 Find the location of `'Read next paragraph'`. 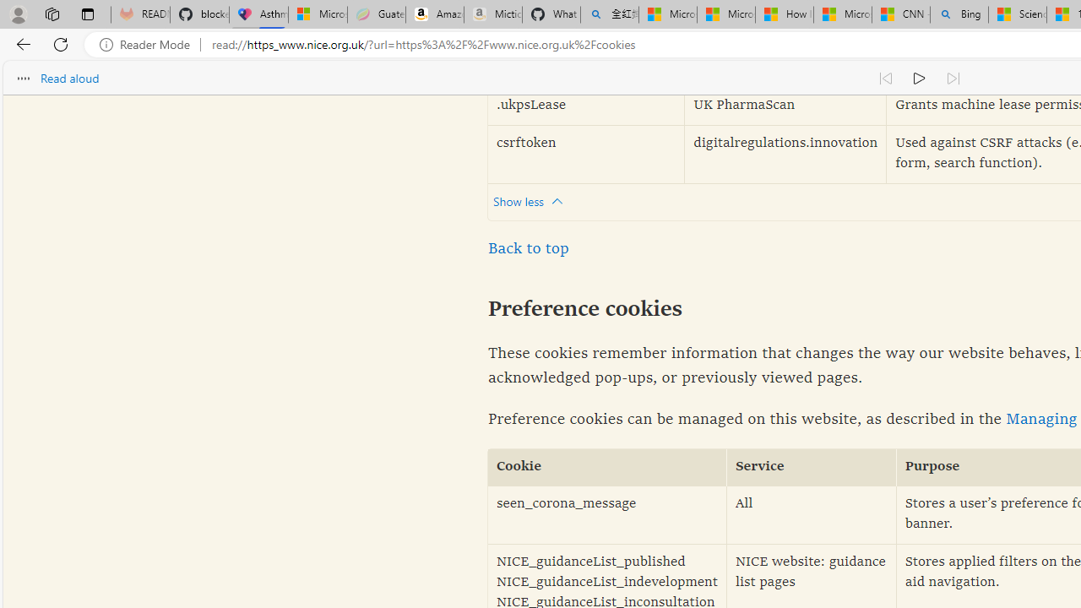

'Read next paragraph' is located at coordinates (953, 78).